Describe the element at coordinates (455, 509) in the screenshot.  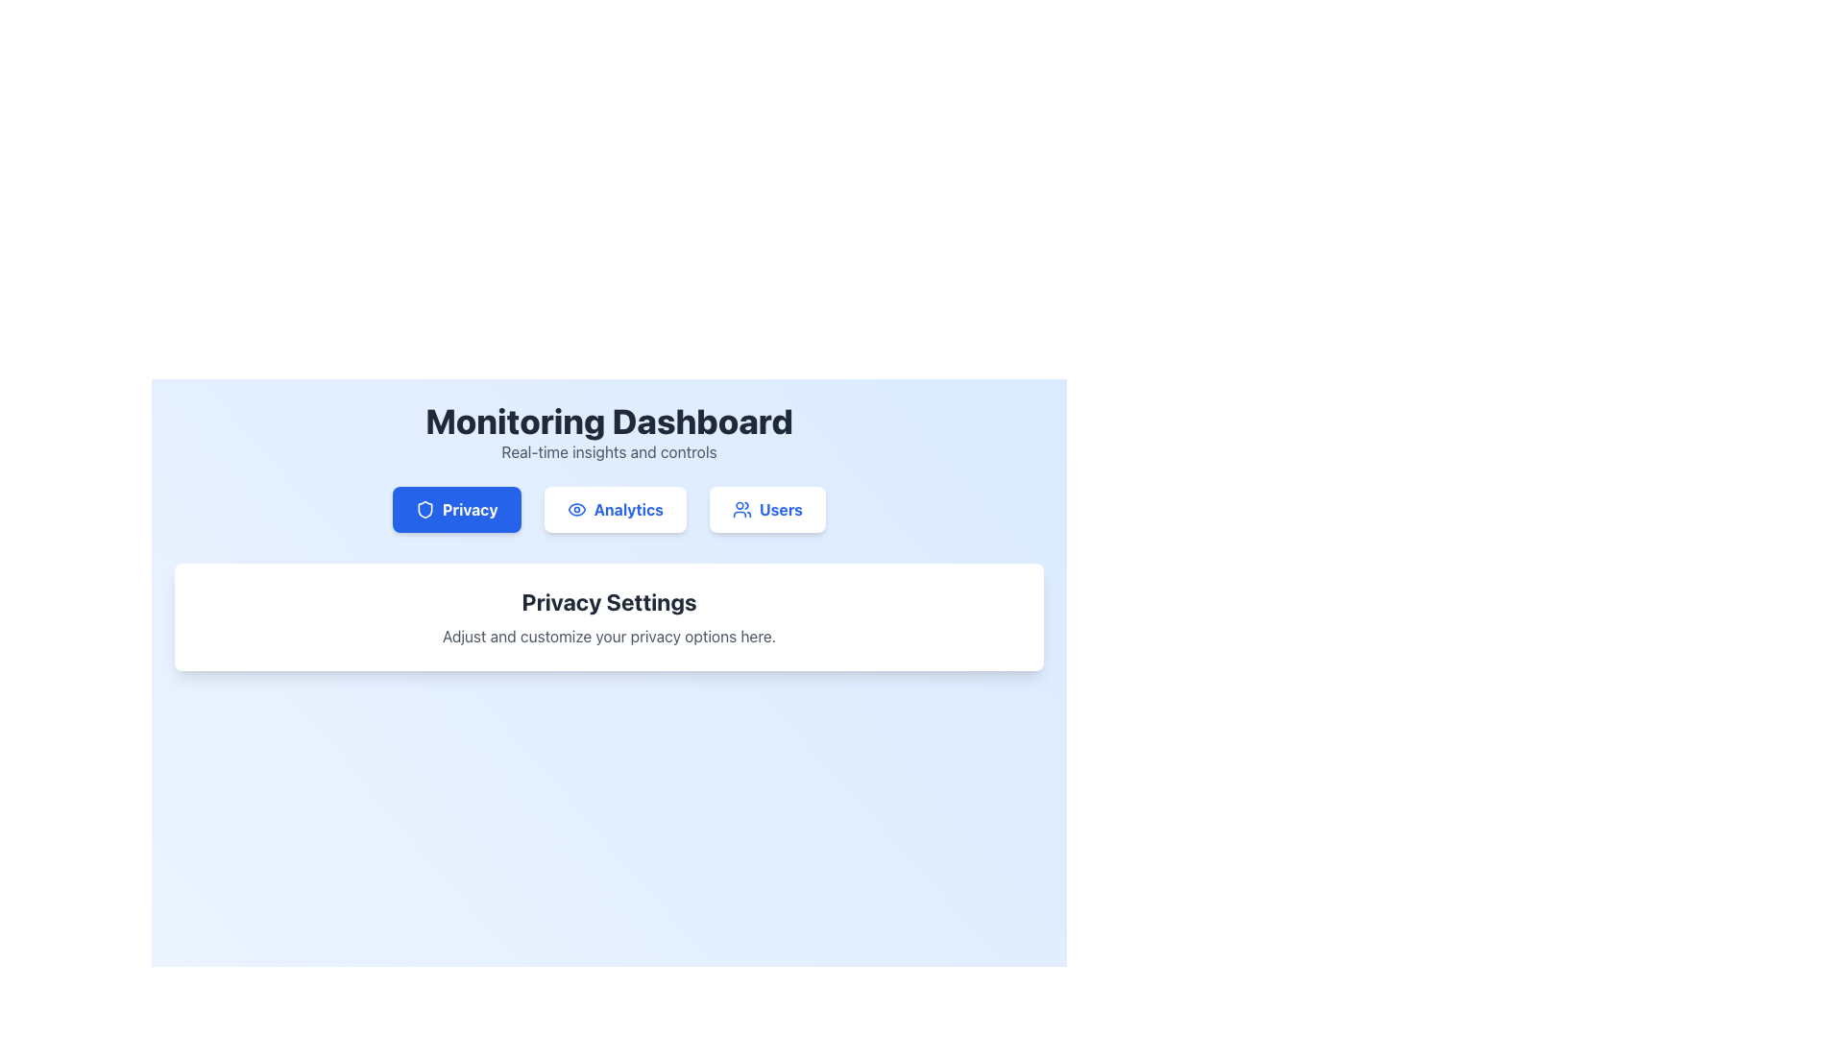
I see `the 'Privacy' button, which is a rounded rectangular button with white text on a blue background` at that location.